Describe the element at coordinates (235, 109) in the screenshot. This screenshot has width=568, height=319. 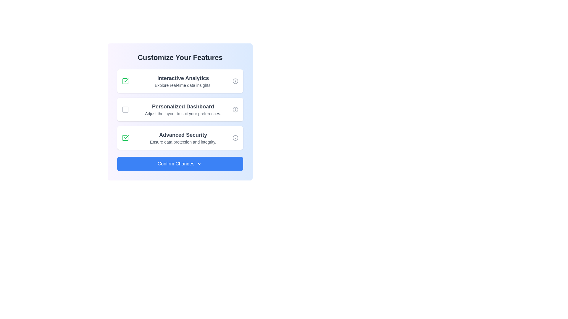
I see `the circle component of the SVG icon that represents the 'Personalized Dashboard' within the 'Customize Your Features' section` at that location.